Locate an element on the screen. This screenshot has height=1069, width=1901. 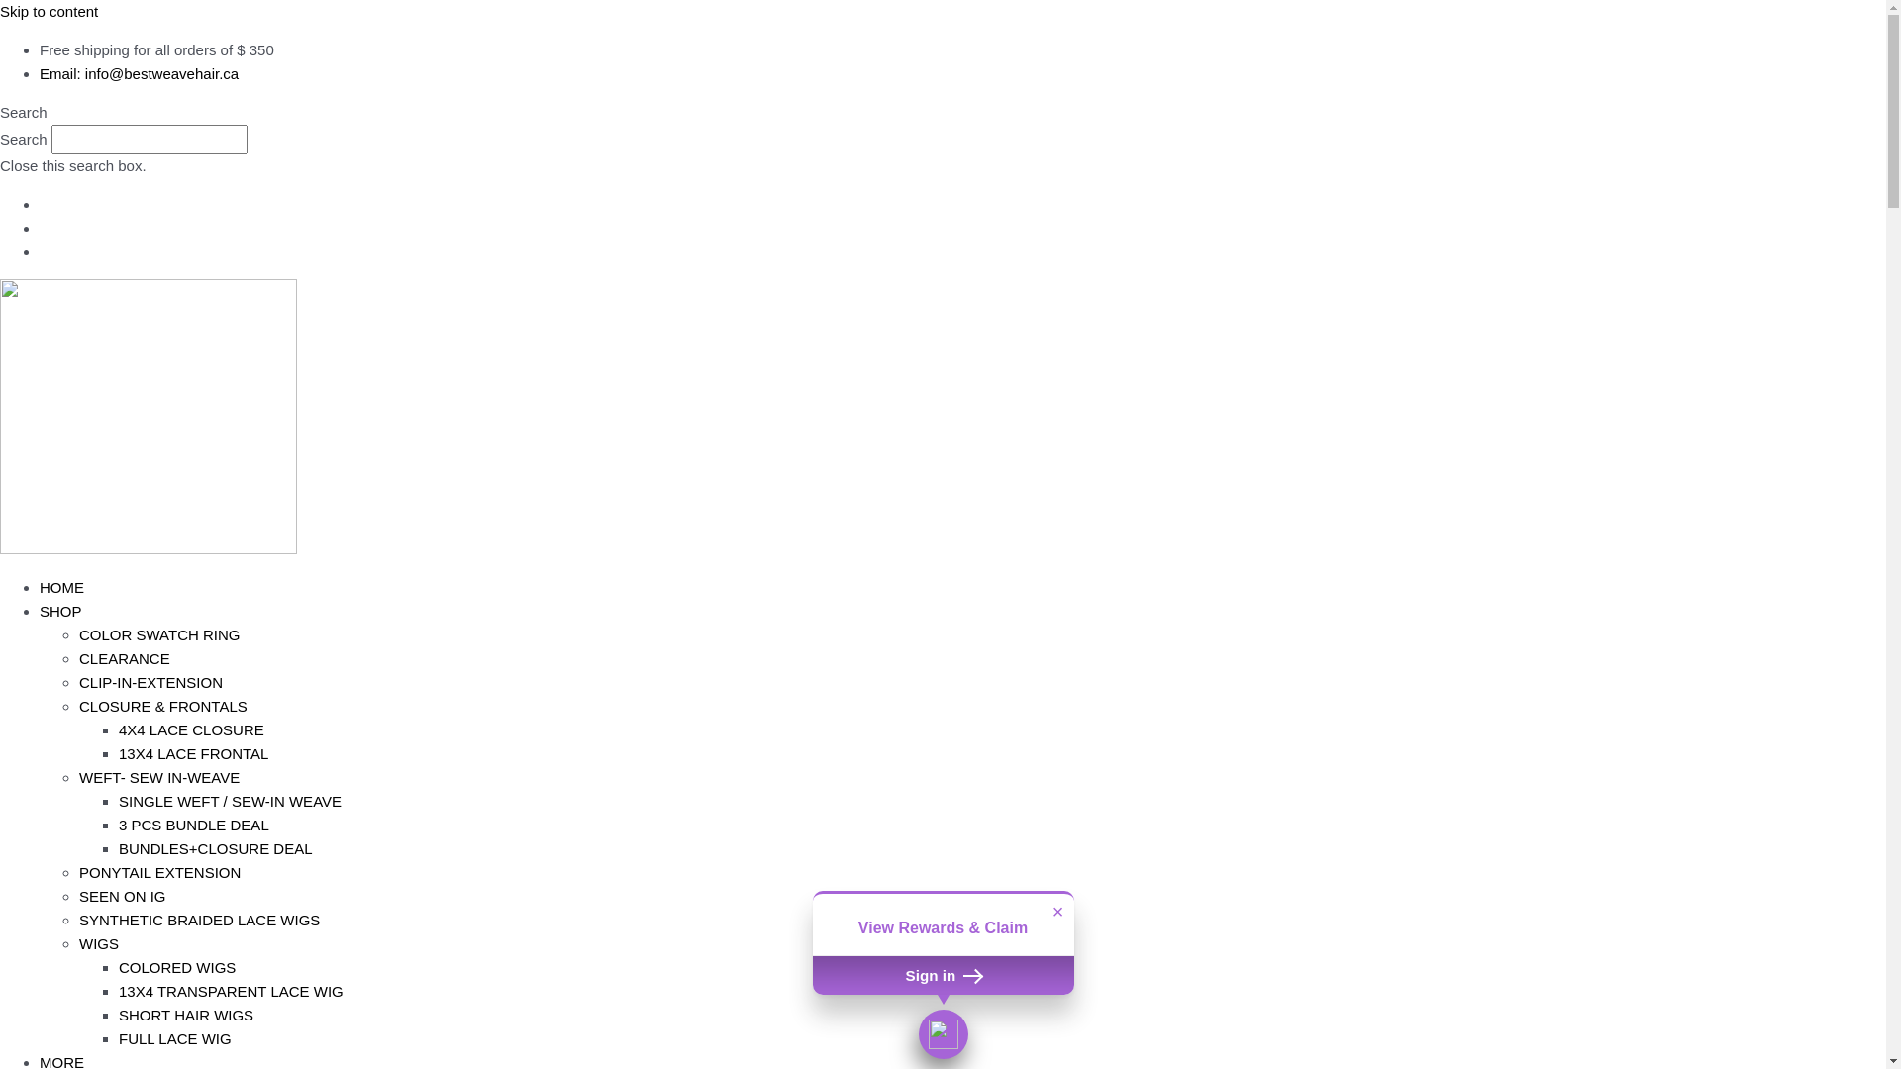
'BUNDLES+CLOSURE DEAL' is located at coordinates (215, 847).